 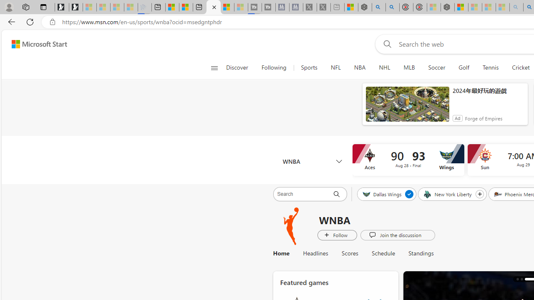 What do you see at coordinates (350, 253) in the screenshot?
I see `'Scores'` at bounding box center [350, 253].